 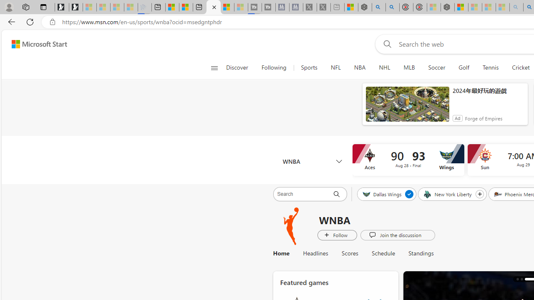 What do you see at coordinates (350, 253) in the screenshot?
I see `'Scores'` at bounding box center [350, 253].